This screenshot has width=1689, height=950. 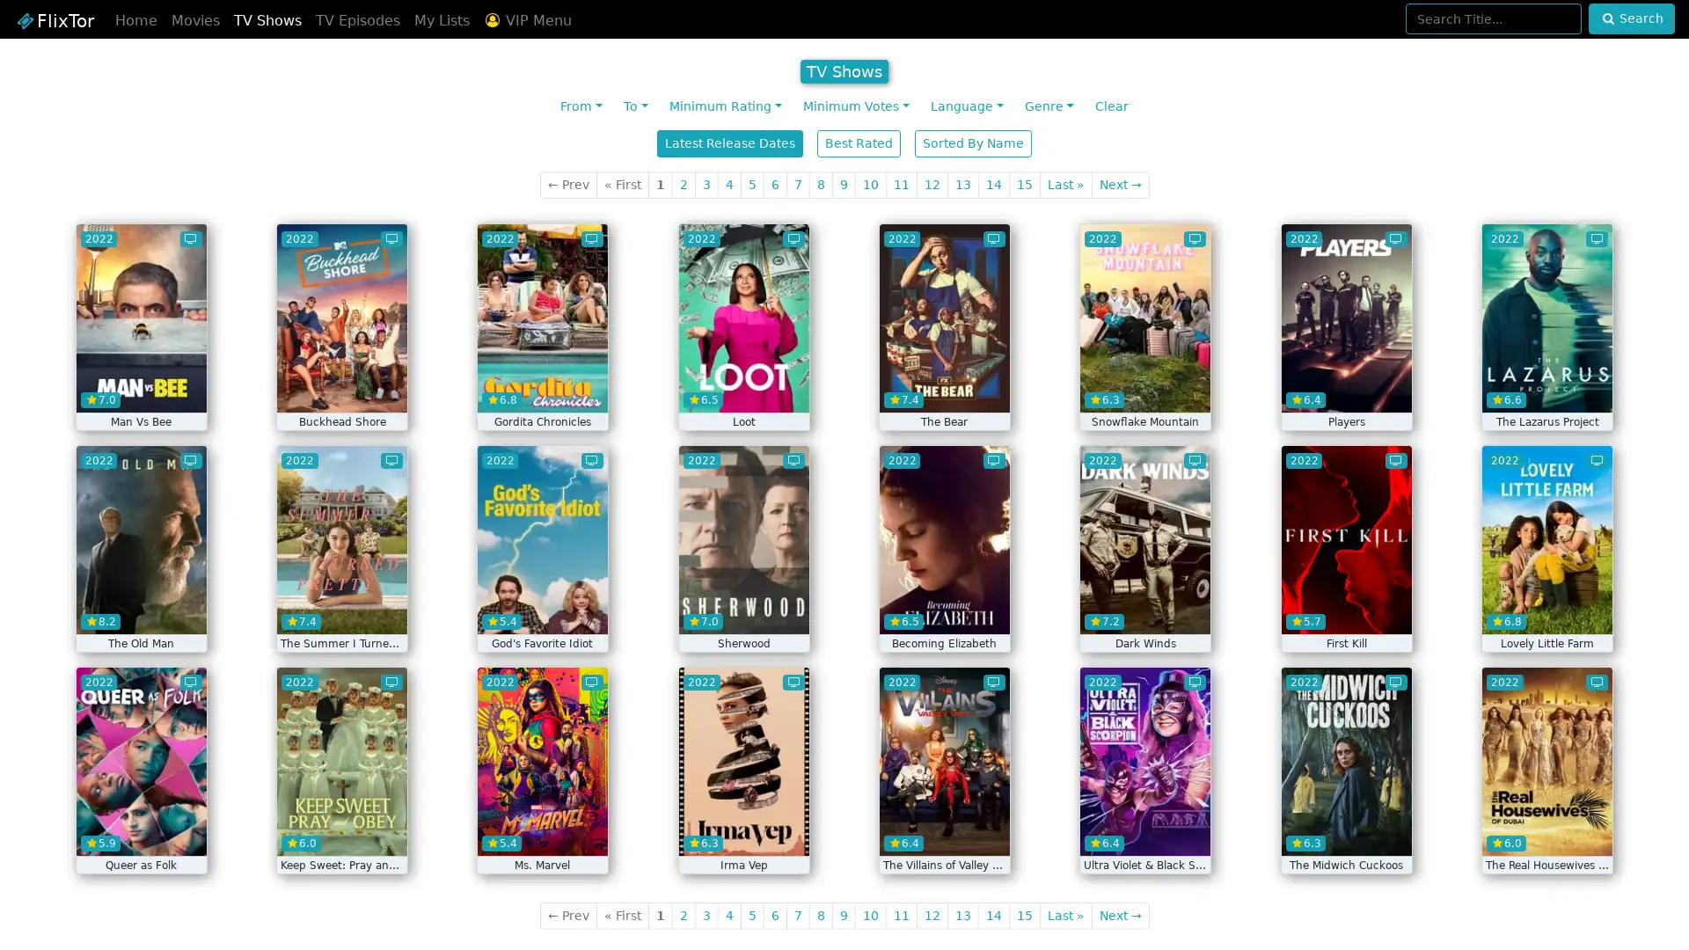 What do you see at coordinates (1048, 106) in the screenshot?
I see `Genre` at bounding box center [1048, 106].